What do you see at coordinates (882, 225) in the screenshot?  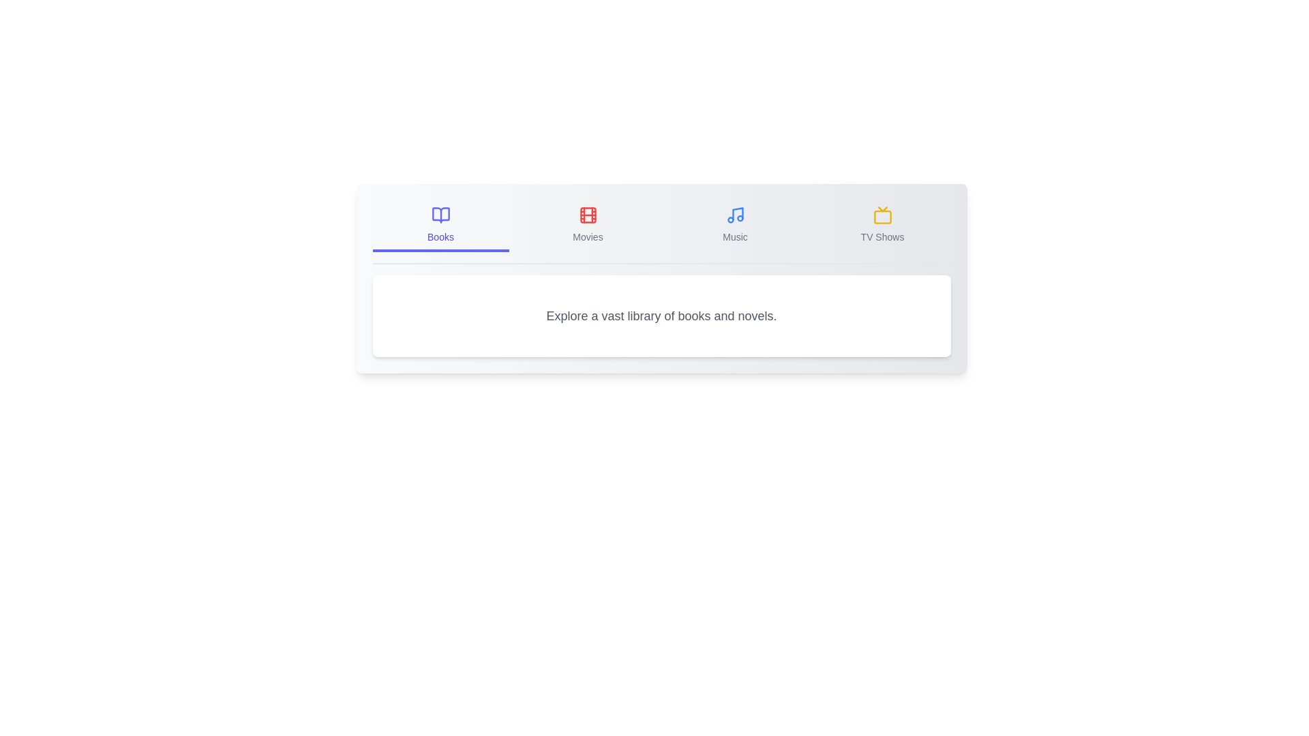 I see `the tab corresponding to TV Shows to view its content` at bounding box center [882, 225].